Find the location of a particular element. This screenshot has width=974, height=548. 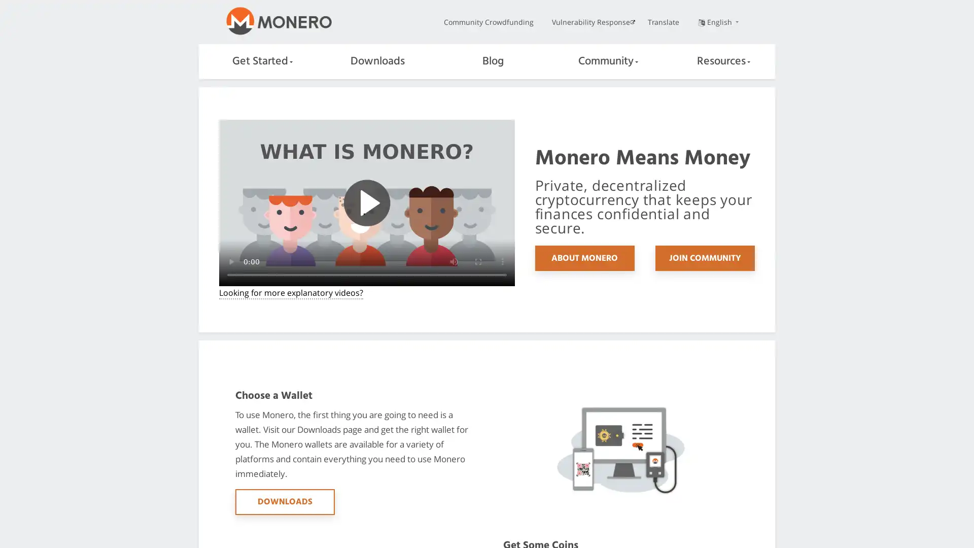

play is located at coordinates (231, 261).